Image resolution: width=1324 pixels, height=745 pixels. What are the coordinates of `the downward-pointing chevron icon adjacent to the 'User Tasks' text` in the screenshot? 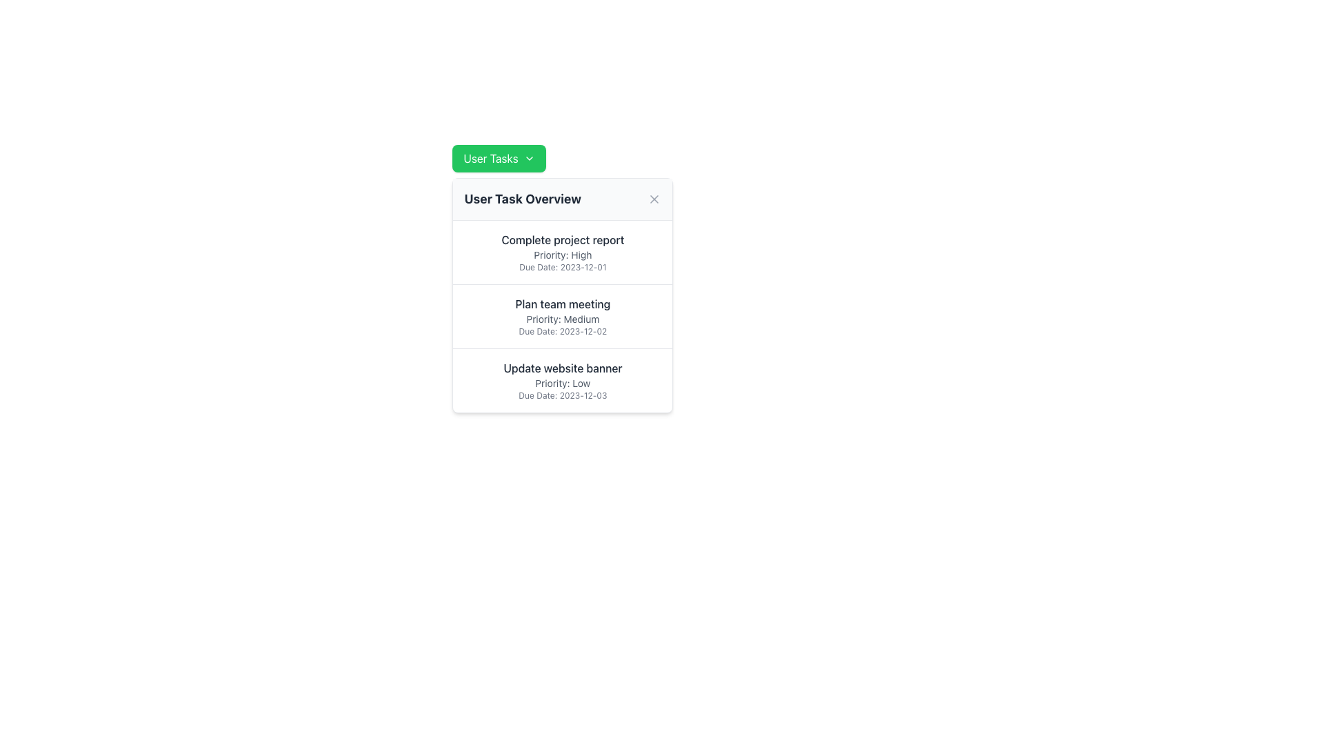 It's located at (528, 158).